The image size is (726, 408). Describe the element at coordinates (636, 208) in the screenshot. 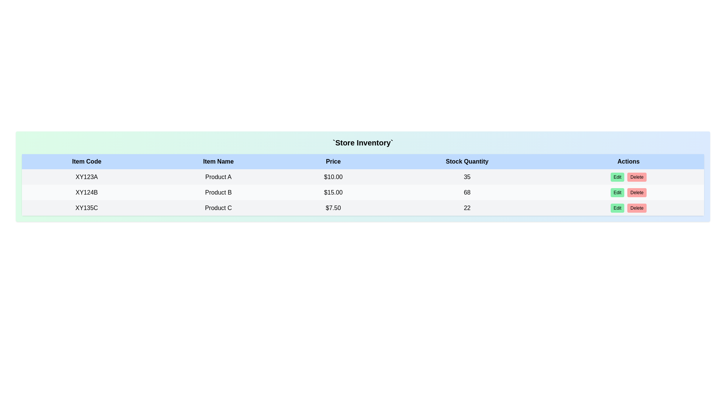

I see `the 'Delete' button, which is a rectangular button with a light red background and black text, located in the rightmost column of the last row in a table, adjacent to an 'Edit' button` at that location.